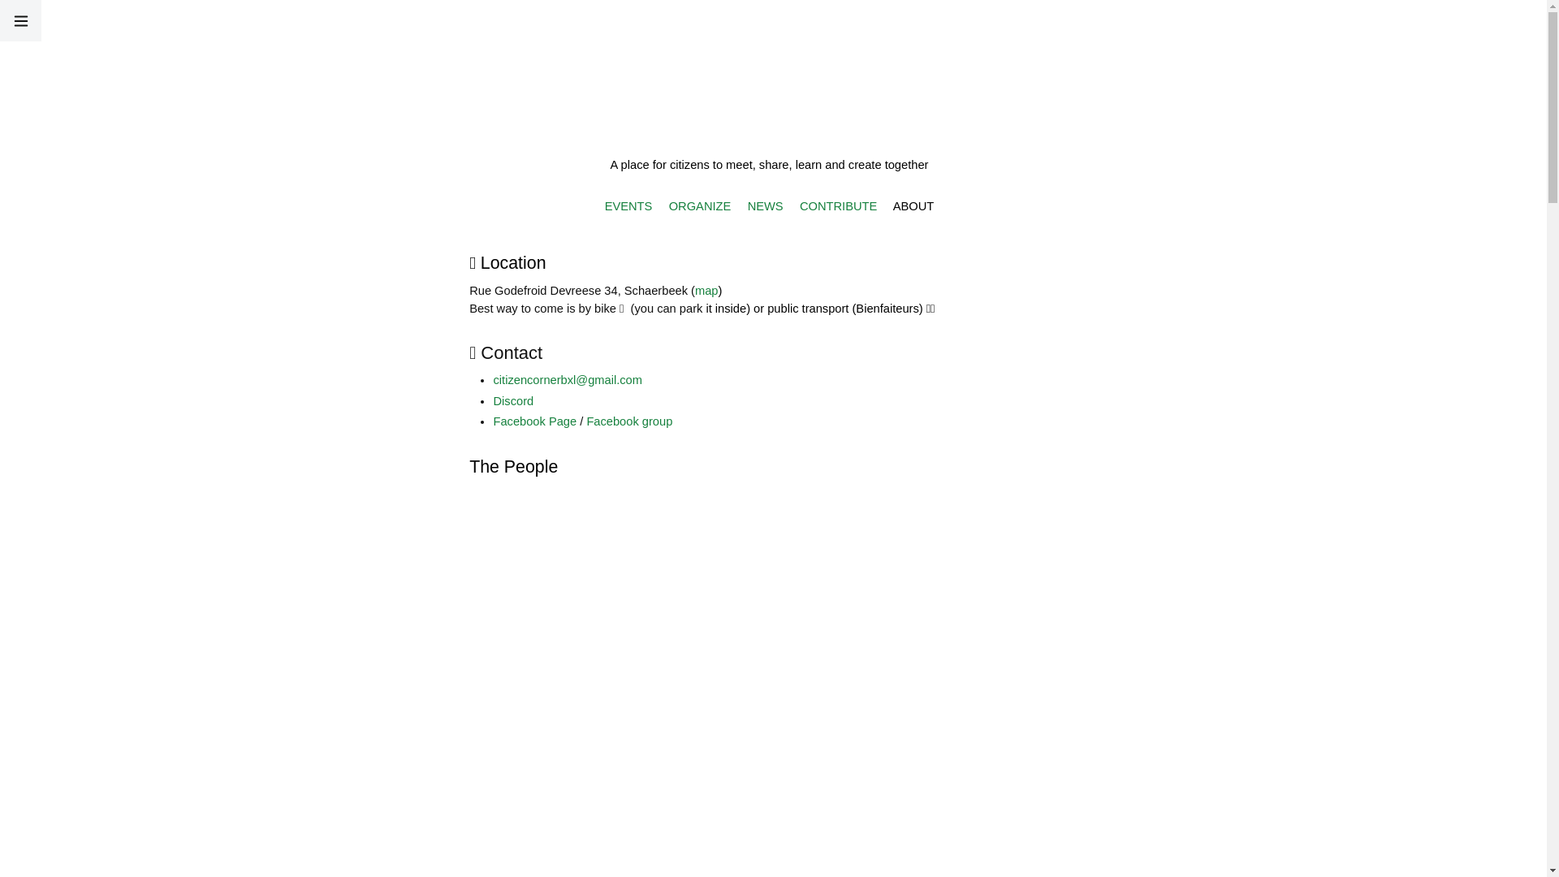 The width and height of the screenshot is (1559, 877). I want to click on 'CONTRIBUTE', so click(838, 205).